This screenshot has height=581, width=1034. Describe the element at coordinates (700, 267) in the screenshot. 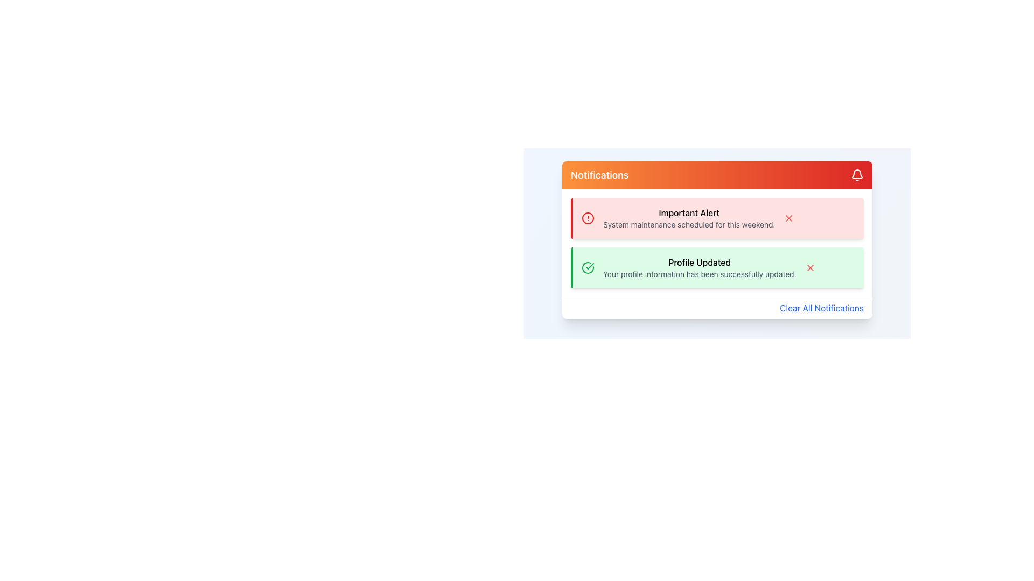

I see `the notification message titled 'Profile Updated' which displays a success message in a greenish background` at that location.